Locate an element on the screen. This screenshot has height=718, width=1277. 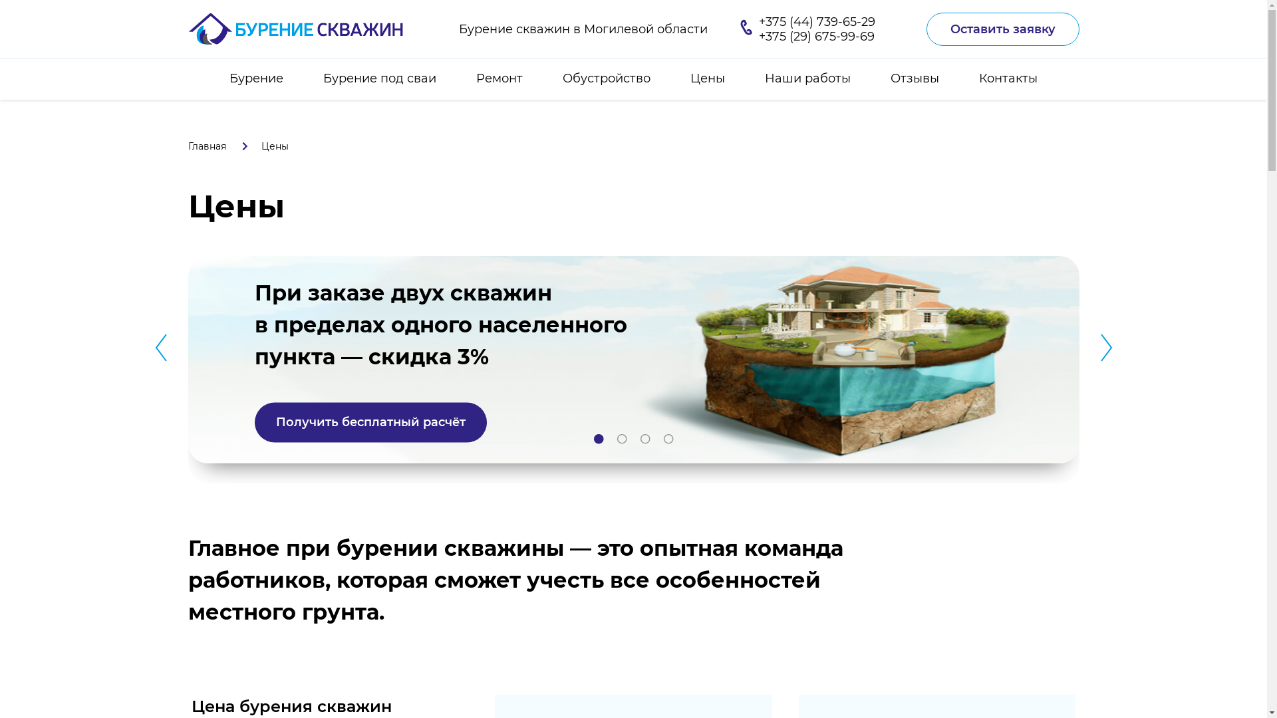
'+375 (29) 675-99-69' is located at coordinates (815, 35).